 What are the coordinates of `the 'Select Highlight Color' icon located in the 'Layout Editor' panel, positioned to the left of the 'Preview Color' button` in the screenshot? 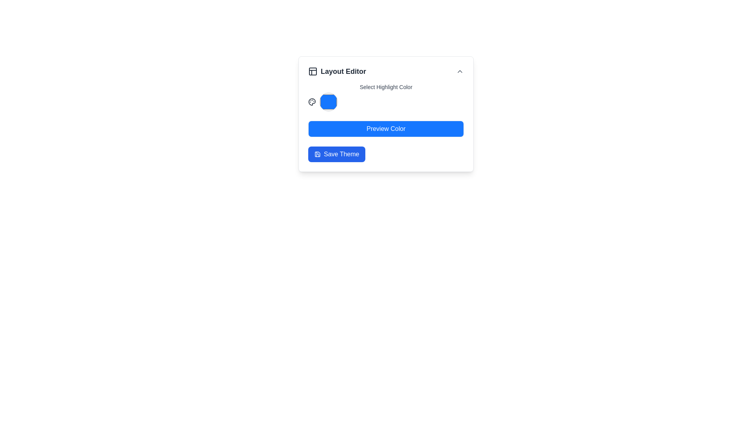 It's located at (311, 102).